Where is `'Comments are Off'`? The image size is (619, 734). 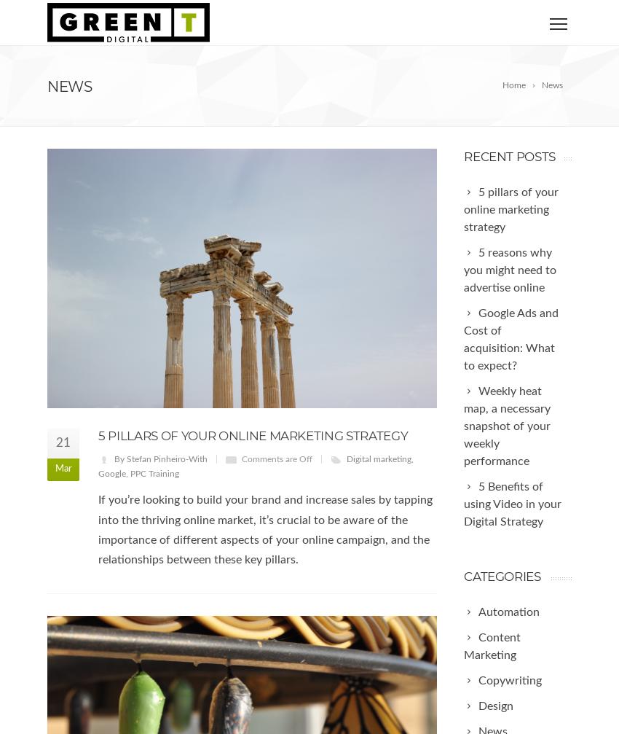 'Comments are Off' is located at coordinates (276, 458).